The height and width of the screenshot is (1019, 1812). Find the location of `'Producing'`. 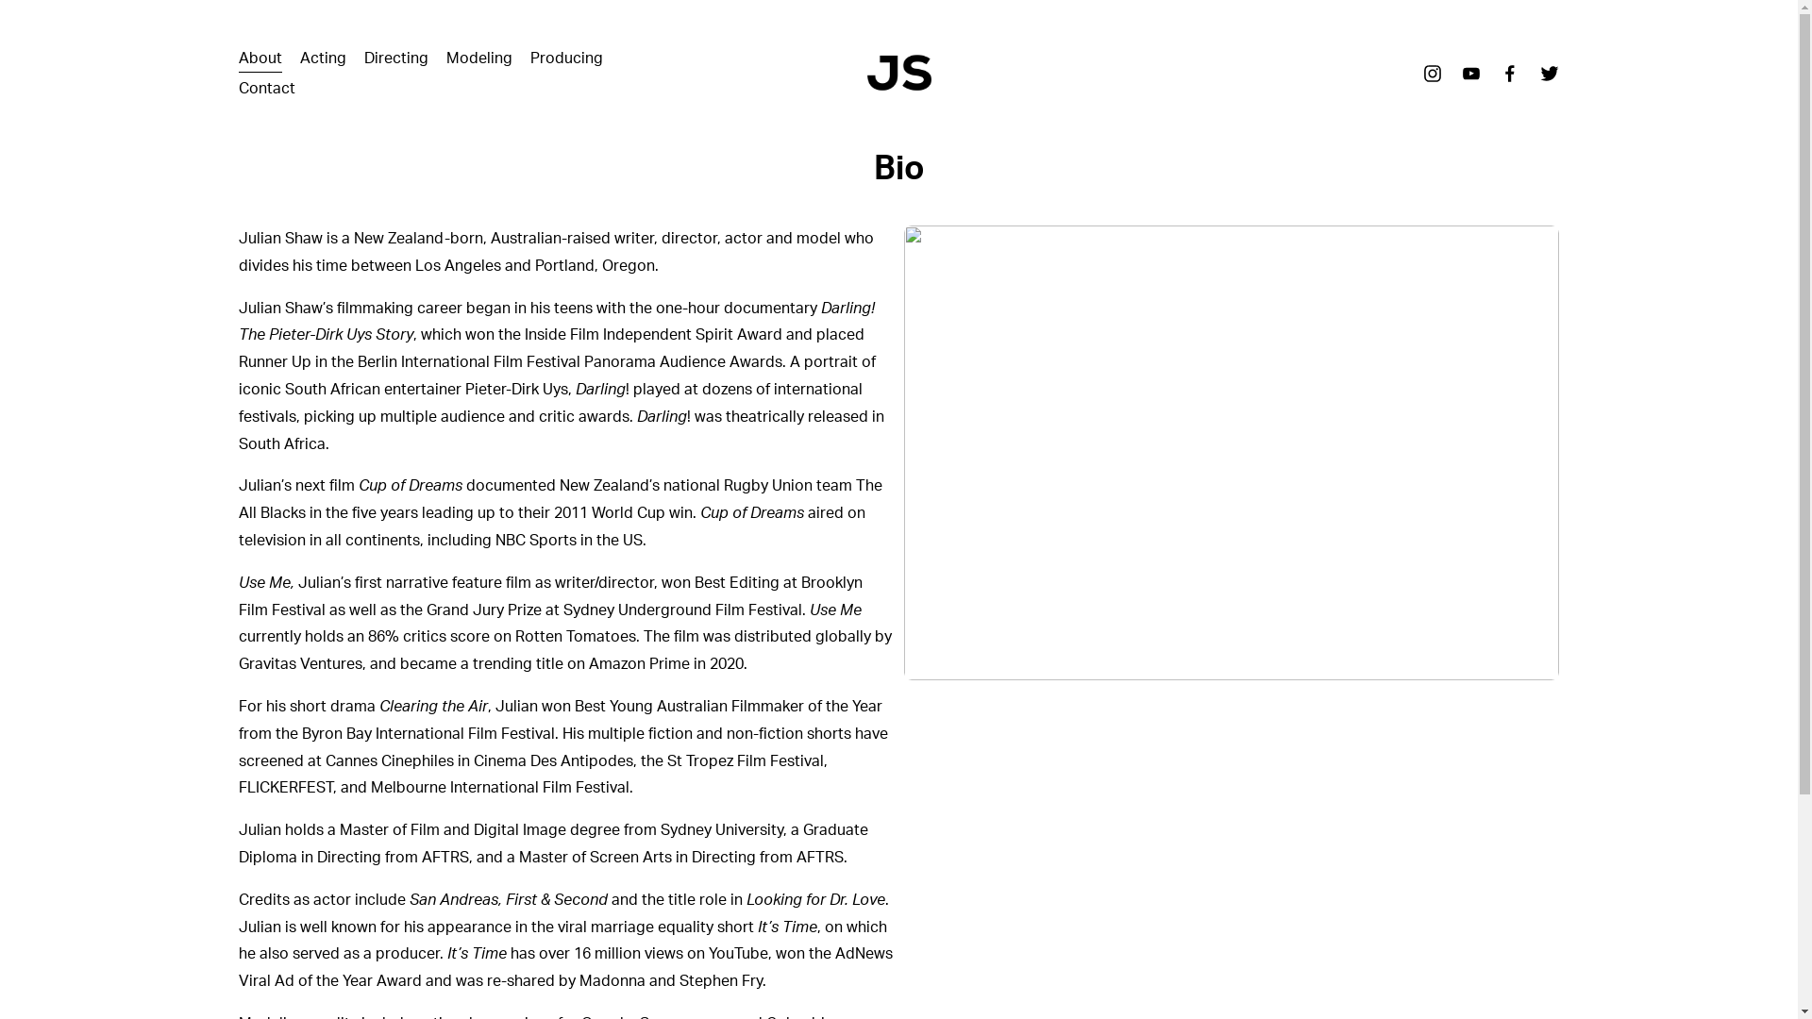

'Producing' is located at coordinates (565, 57).